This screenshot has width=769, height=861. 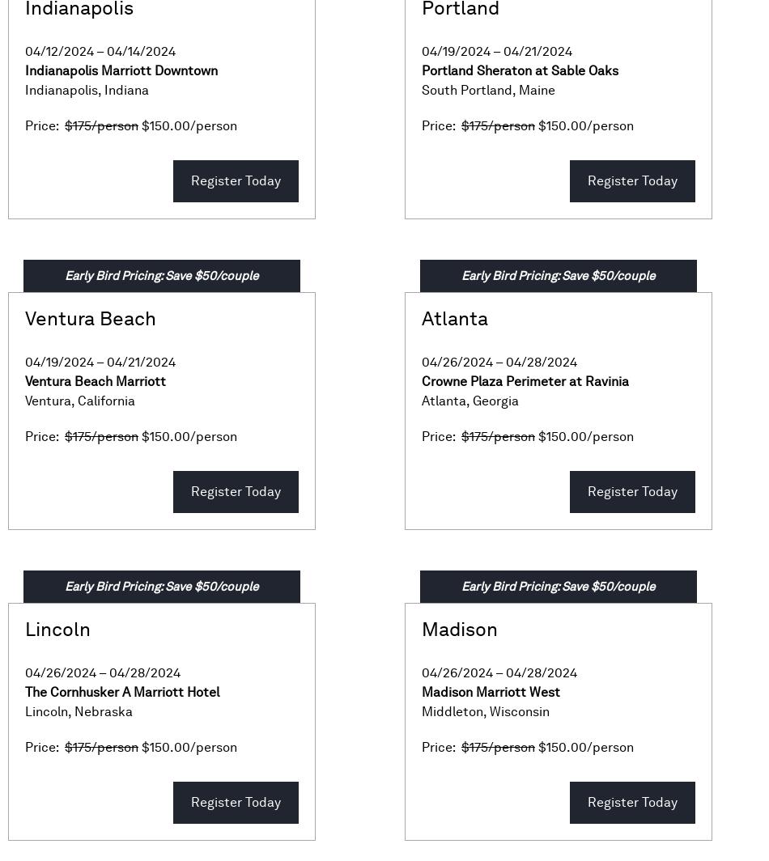 I want to click on 'Ventura Beach', so click(x=91, y=318).